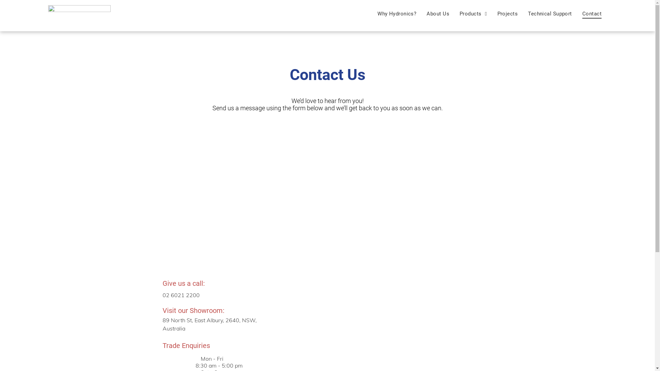  What do you see at coordinates (437, 13) in the screenshot?
I see `'About Us'` at bounding box center [437, 13].